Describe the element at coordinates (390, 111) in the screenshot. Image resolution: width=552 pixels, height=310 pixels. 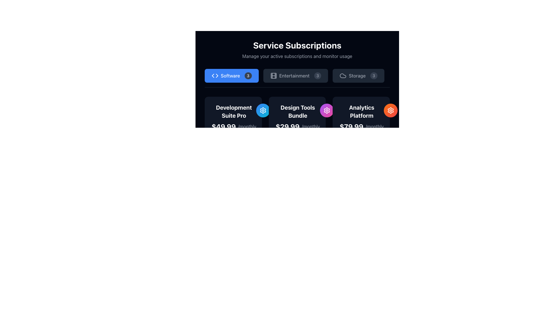
I see `the gear-like icon with a white design on a gradient orange to red background located at the bottom-right of the pricing card labeled 'Analytics Platform'` at that location.